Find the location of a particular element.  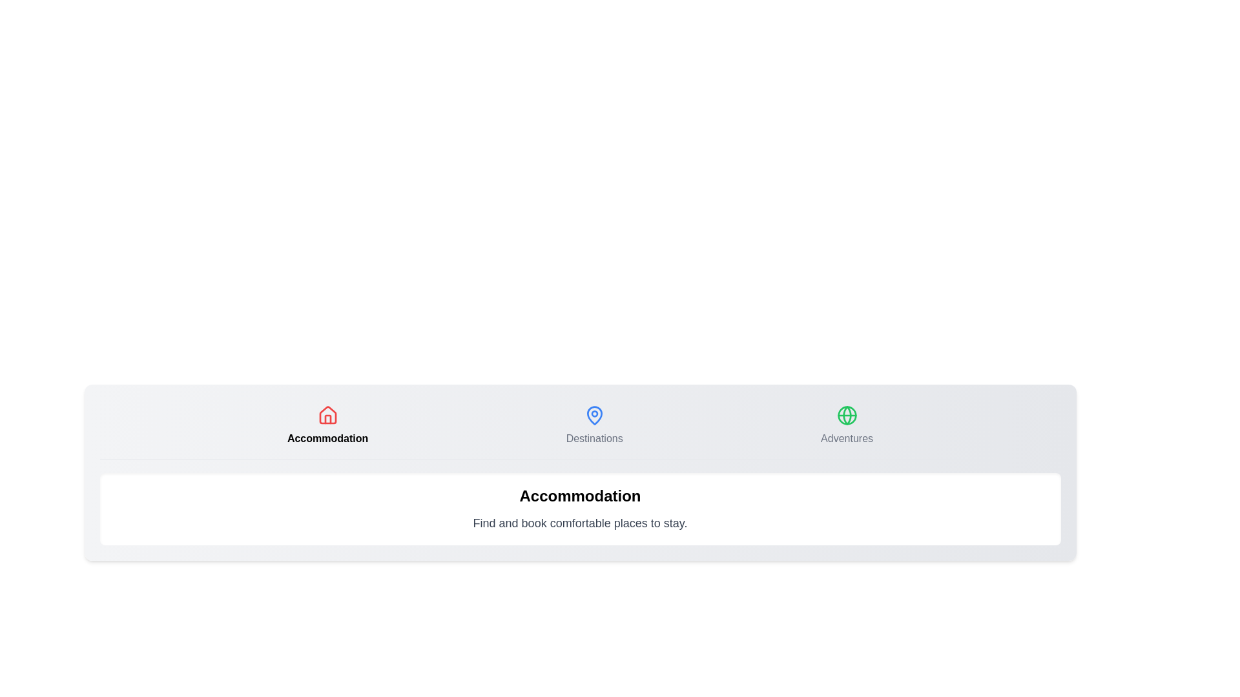

the Adventures tab is located at coordinates (846, 425).